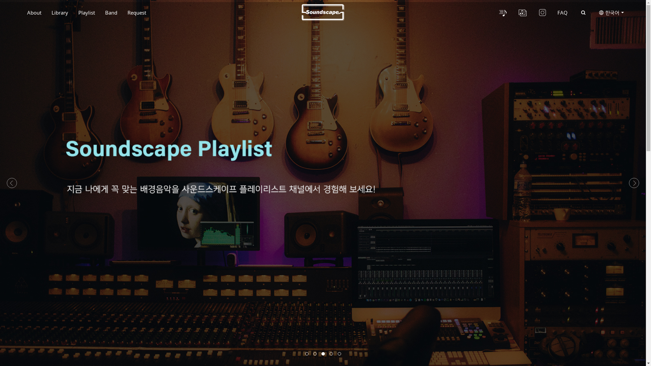 The width and height of the screenshot is (651, 366). Describe the element at coordinates (22, 13) in the screenshot. I see `'About'` at that location.